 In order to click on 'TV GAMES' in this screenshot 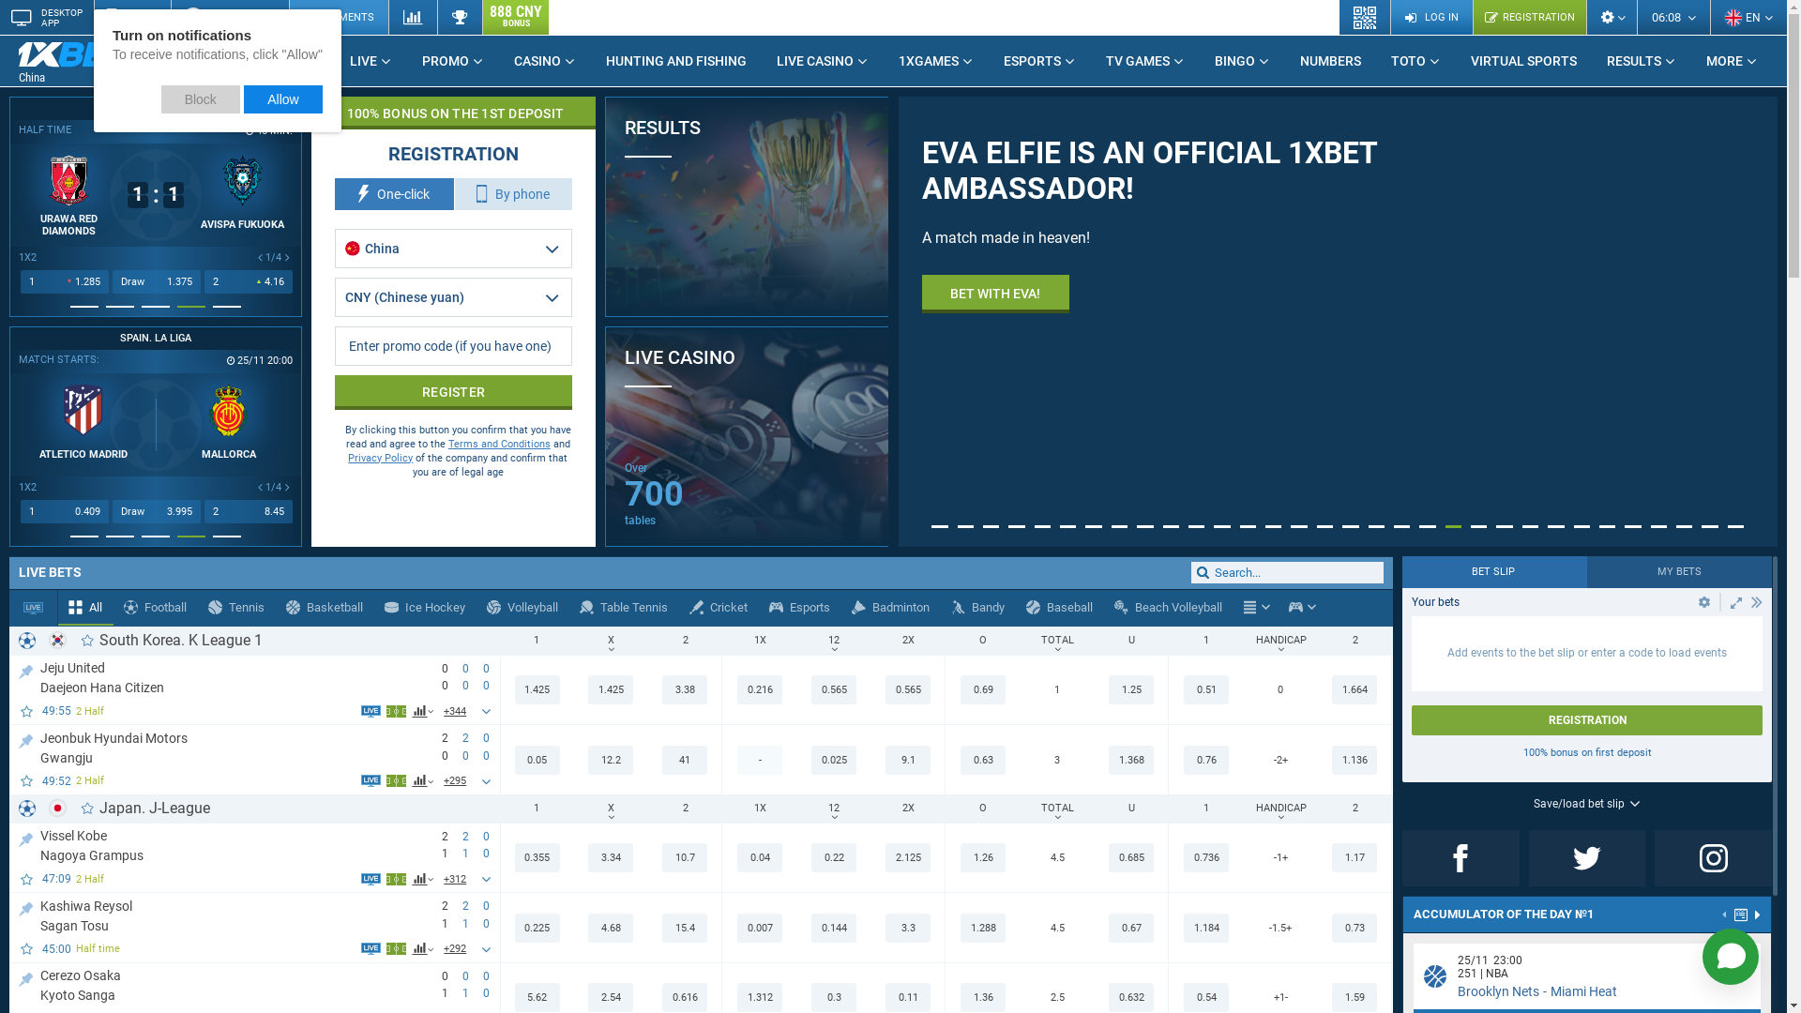, I will do `click(1090, 60)`.